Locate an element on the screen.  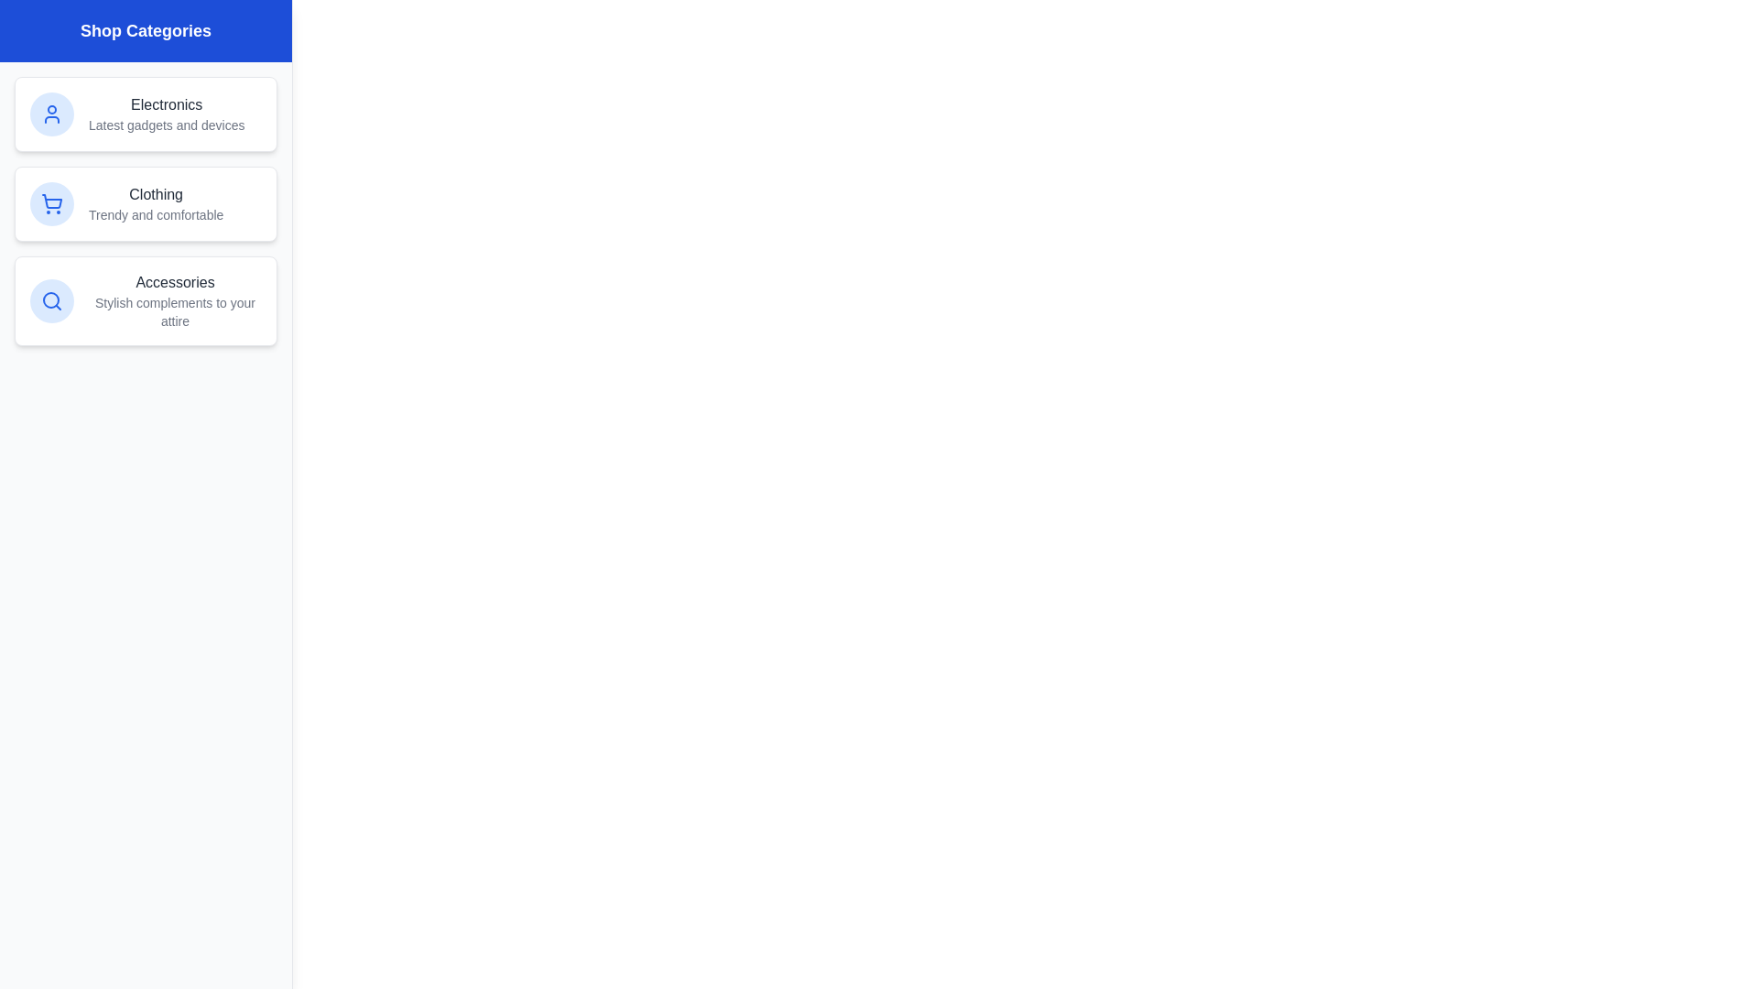
the list item corresponding to Electronics to view its details is located at coordinates (145, 114).